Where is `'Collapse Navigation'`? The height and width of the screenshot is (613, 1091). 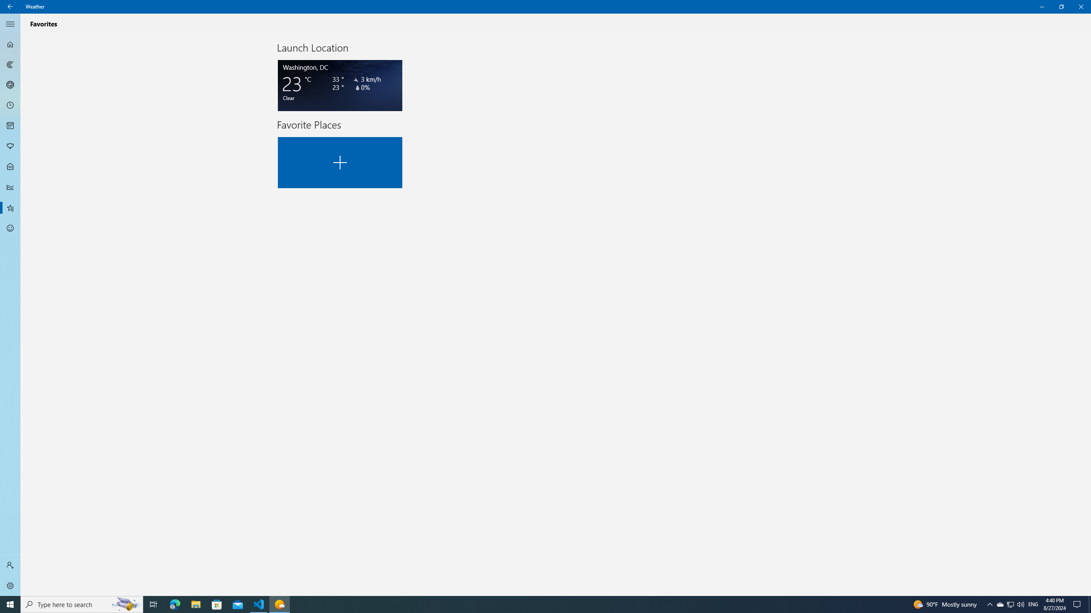
'Collapse Navigation' is located at coordinates (10, 23).